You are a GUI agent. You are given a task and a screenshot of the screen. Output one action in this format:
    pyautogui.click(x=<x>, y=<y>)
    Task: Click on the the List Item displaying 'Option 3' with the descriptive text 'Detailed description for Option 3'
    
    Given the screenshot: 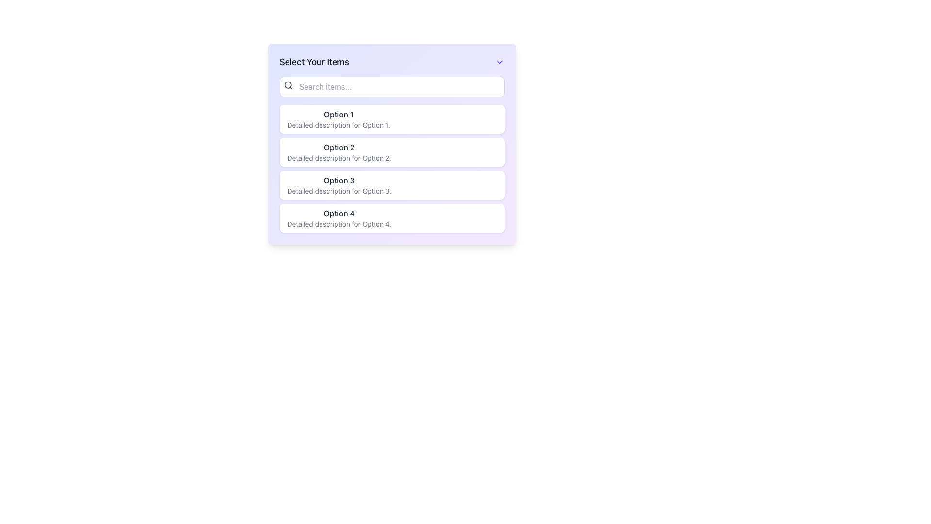 What is the action you would take?
    pyautogui.click(x=339, y=185)
    